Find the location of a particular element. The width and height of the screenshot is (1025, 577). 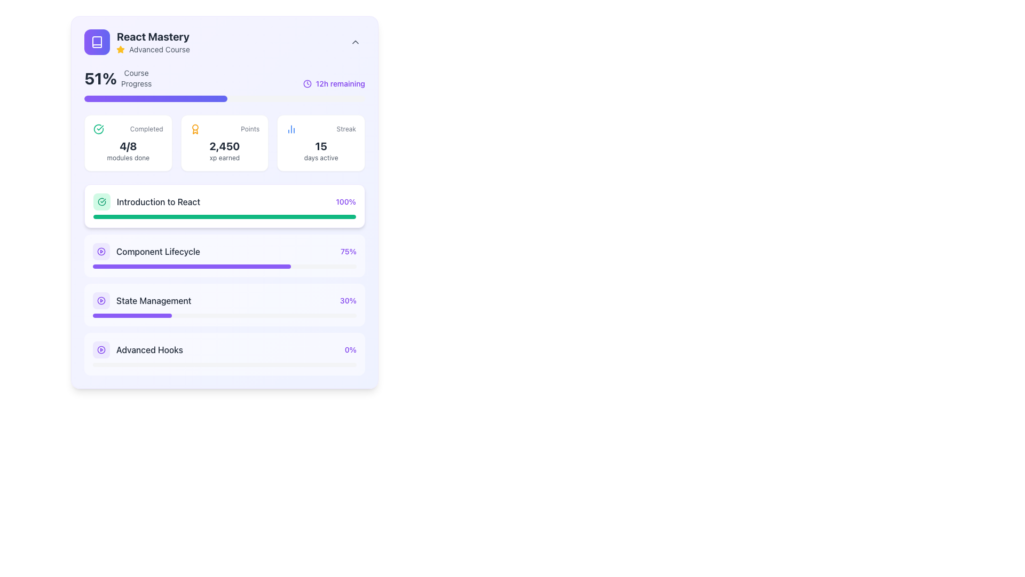

the Text label that represents the percentage of the course completed, located in the 'Course Progress' section at the top-left corner of the interface, immediately below the course name and icon is located at coordinates (100, 77).